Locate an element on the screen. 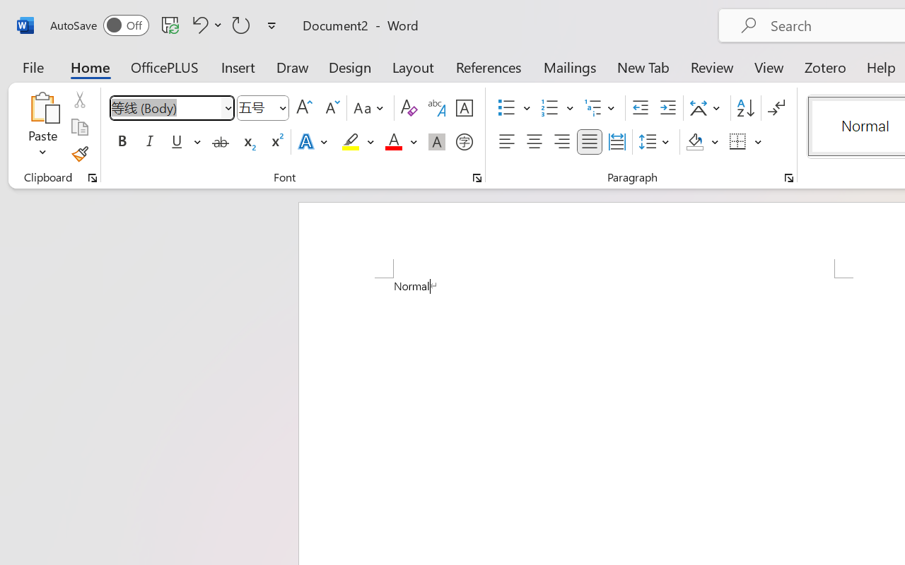 The width and height of the screenshot is (905, 565). 'Bullets' is located at coordinates (513, 108).